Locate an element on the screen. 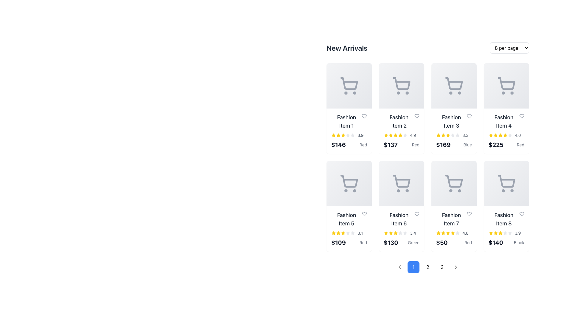 The image size is (572, 322). the 'favorite' icon located in the top-right corner of the product card labeled 'Fashion Item 8' is located at coordinates (521, 213).